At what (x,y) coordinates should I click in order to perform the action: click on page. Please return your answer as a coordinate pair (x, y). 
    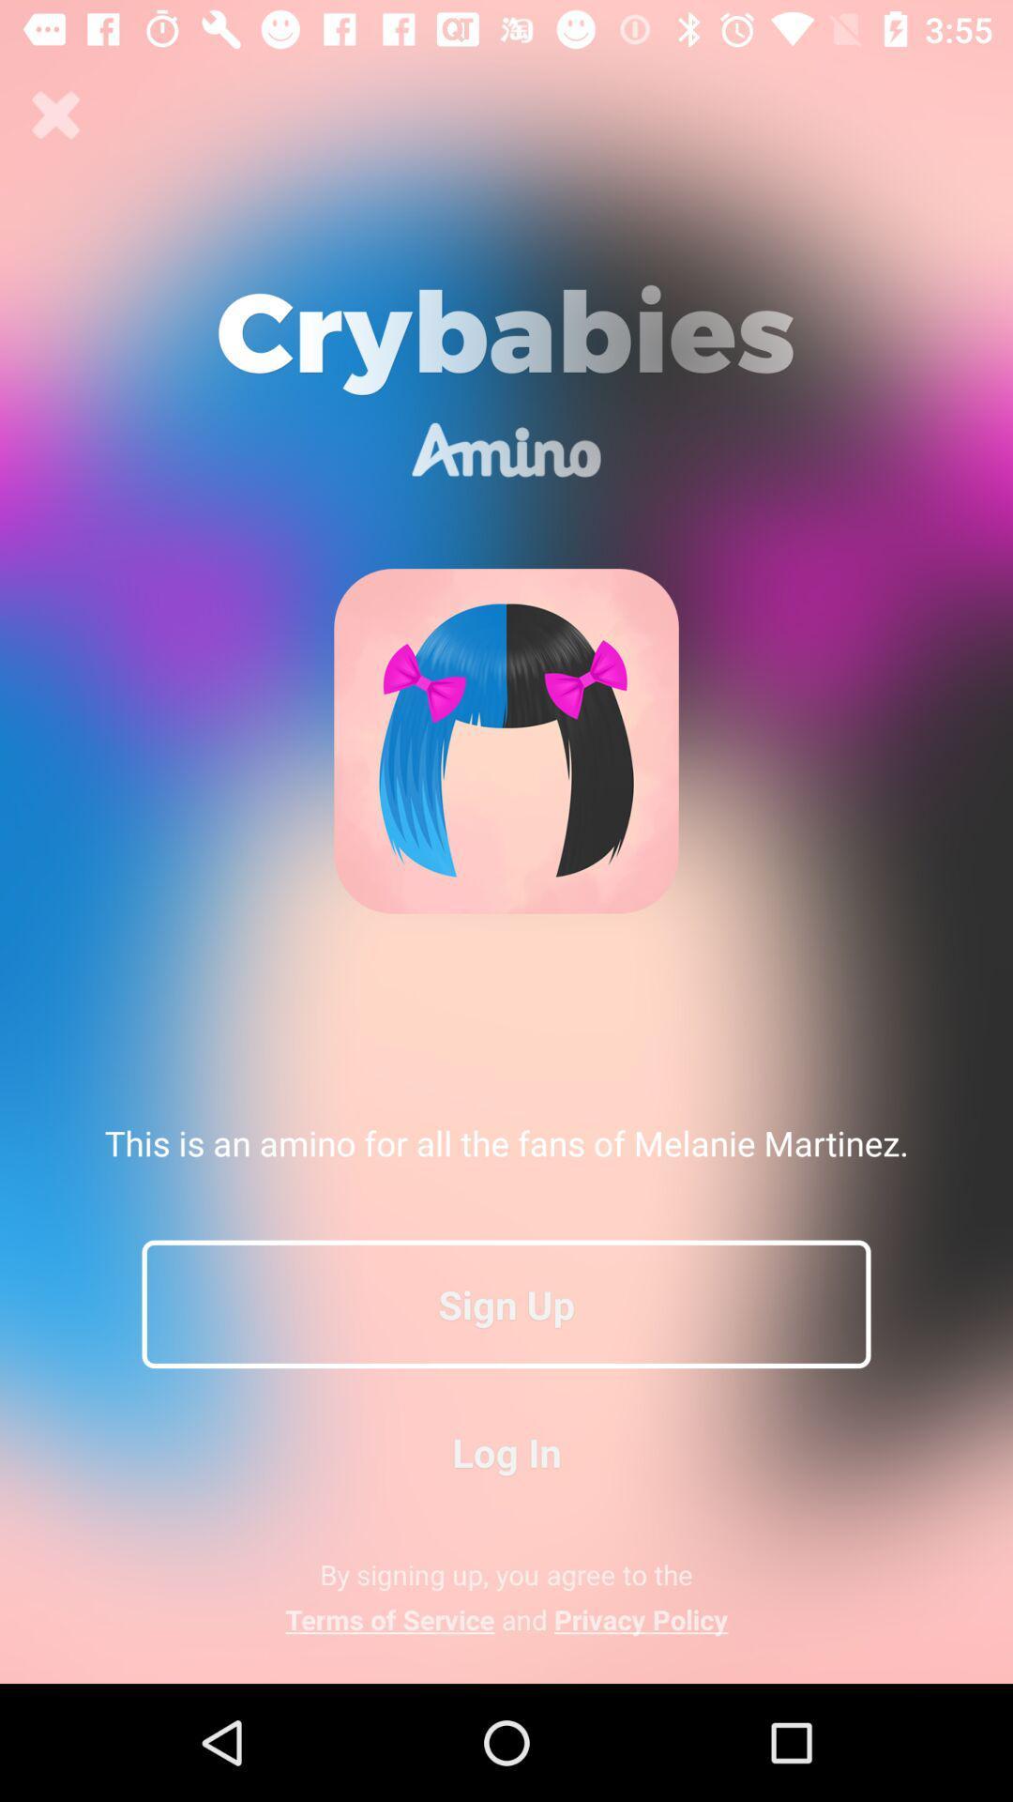
    Looking at the image, I should click on (55, 115).